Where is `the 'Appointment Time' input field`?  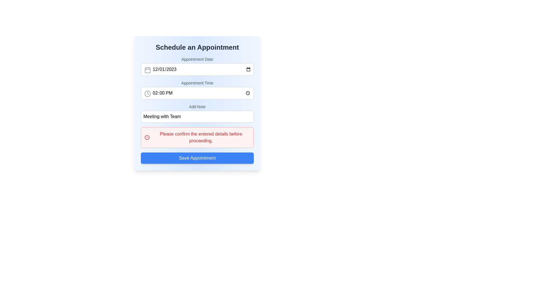
the 'Appointment Time' input field is located at coordinates (197, 89).